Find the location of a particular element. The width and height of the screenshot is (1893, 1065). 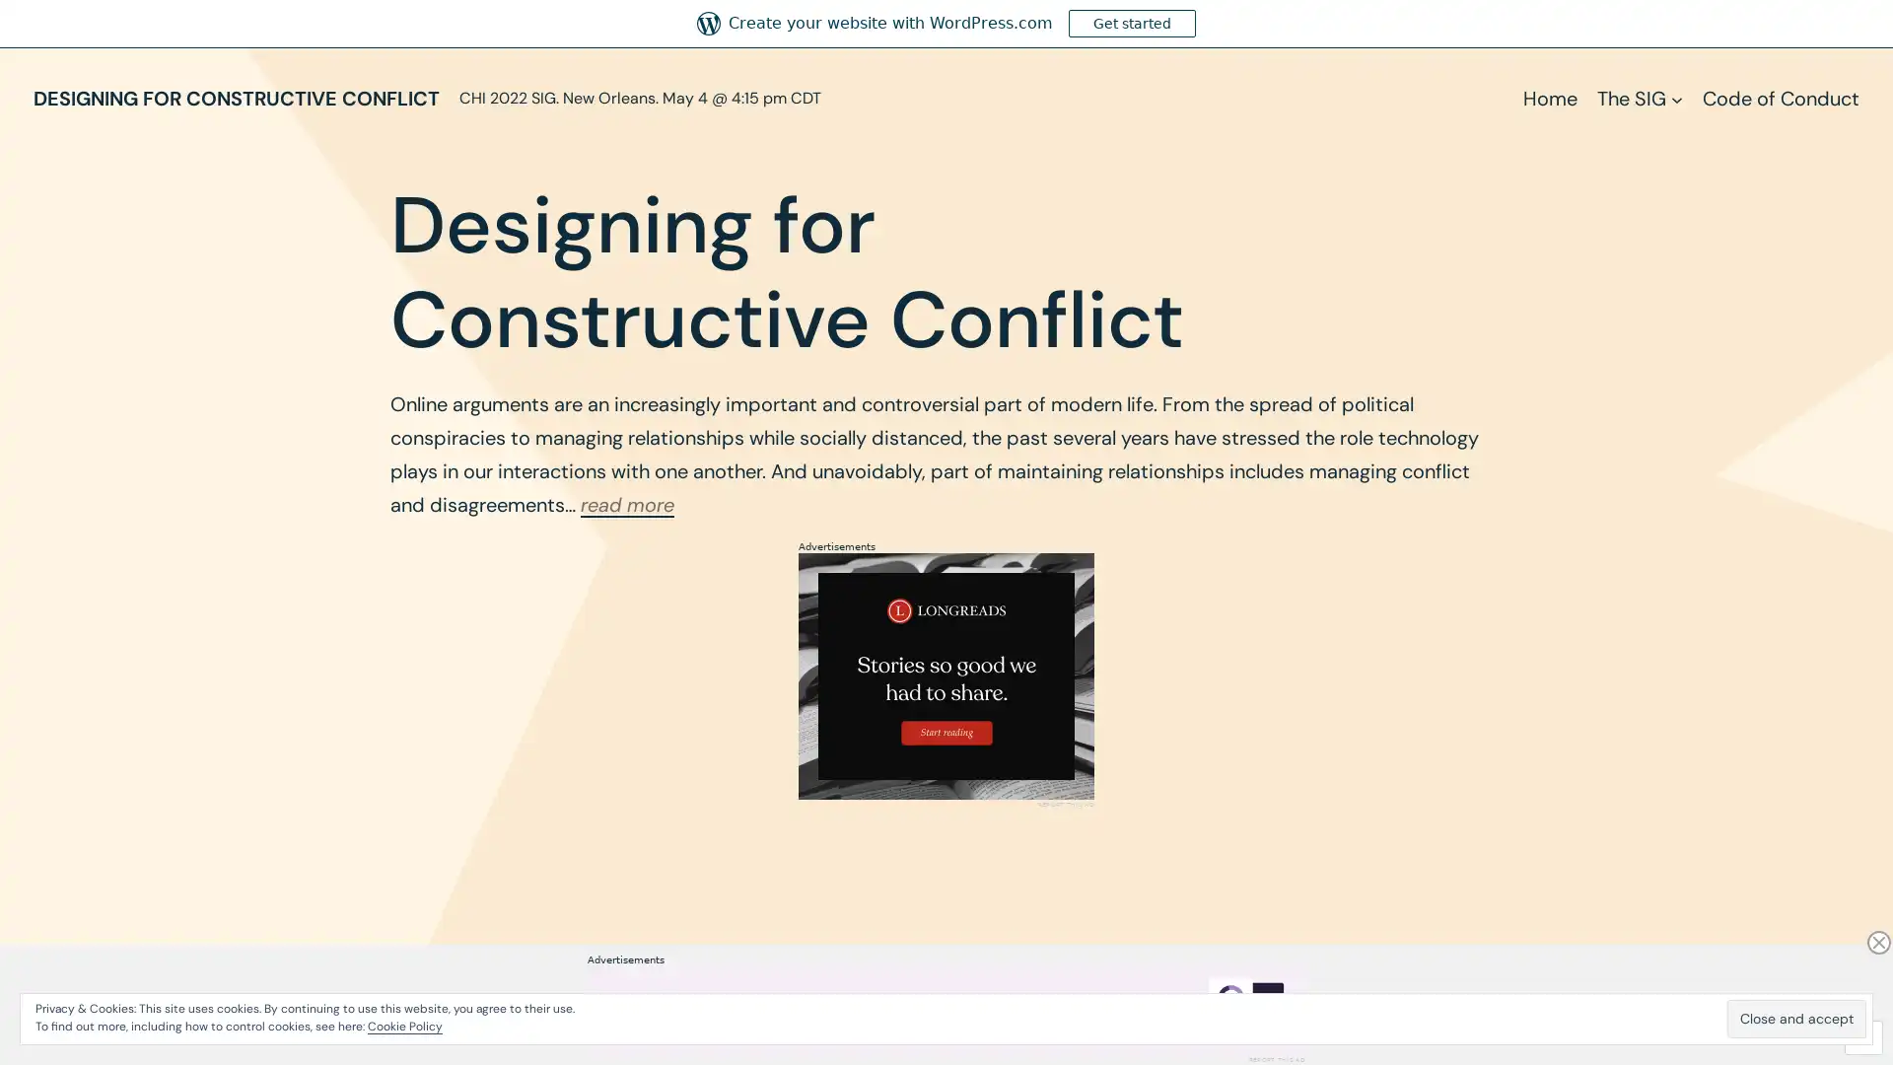

Close and accept is located at coordinates (1796, 1019).